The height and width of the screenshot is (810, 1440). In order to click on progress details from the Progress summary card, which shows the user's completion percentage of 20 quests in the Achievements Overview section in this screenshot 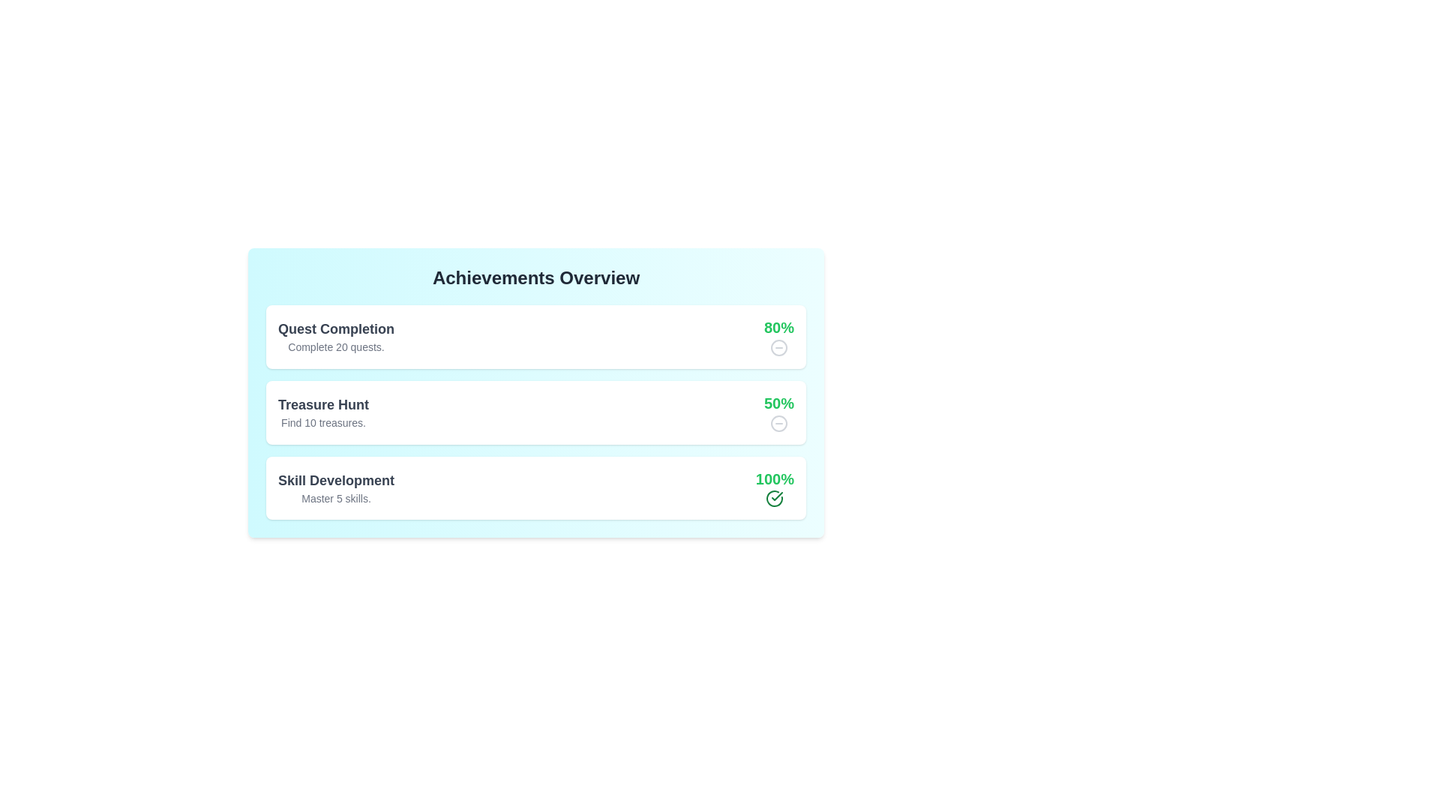, I will do `click(536, 335)`.